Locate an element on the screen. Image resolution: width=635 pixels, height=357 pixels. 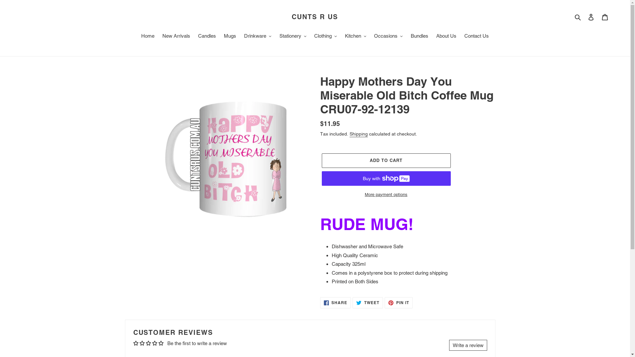
'Log in' is located at coordinates (591, 17).